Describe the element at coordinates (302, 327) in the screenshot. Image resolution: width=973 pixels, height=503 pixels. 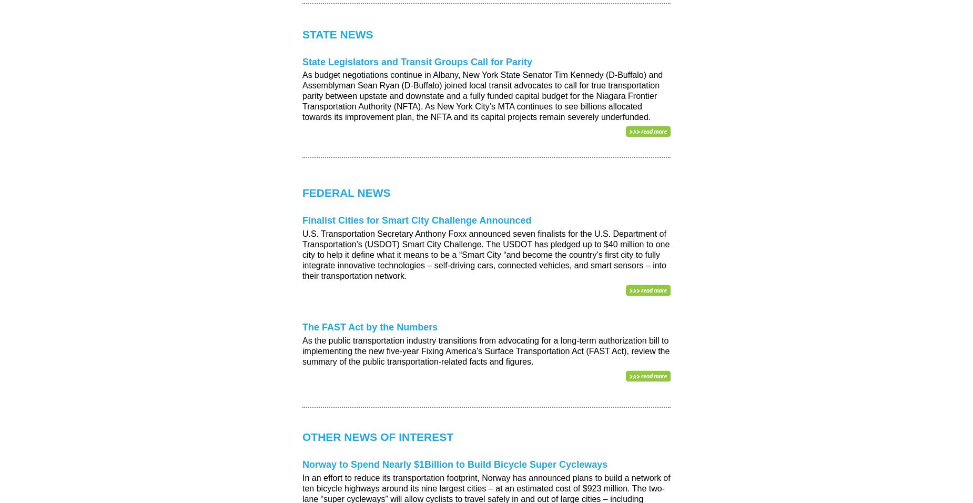
I see `'The FAST Act by the Numbers'` at that location.